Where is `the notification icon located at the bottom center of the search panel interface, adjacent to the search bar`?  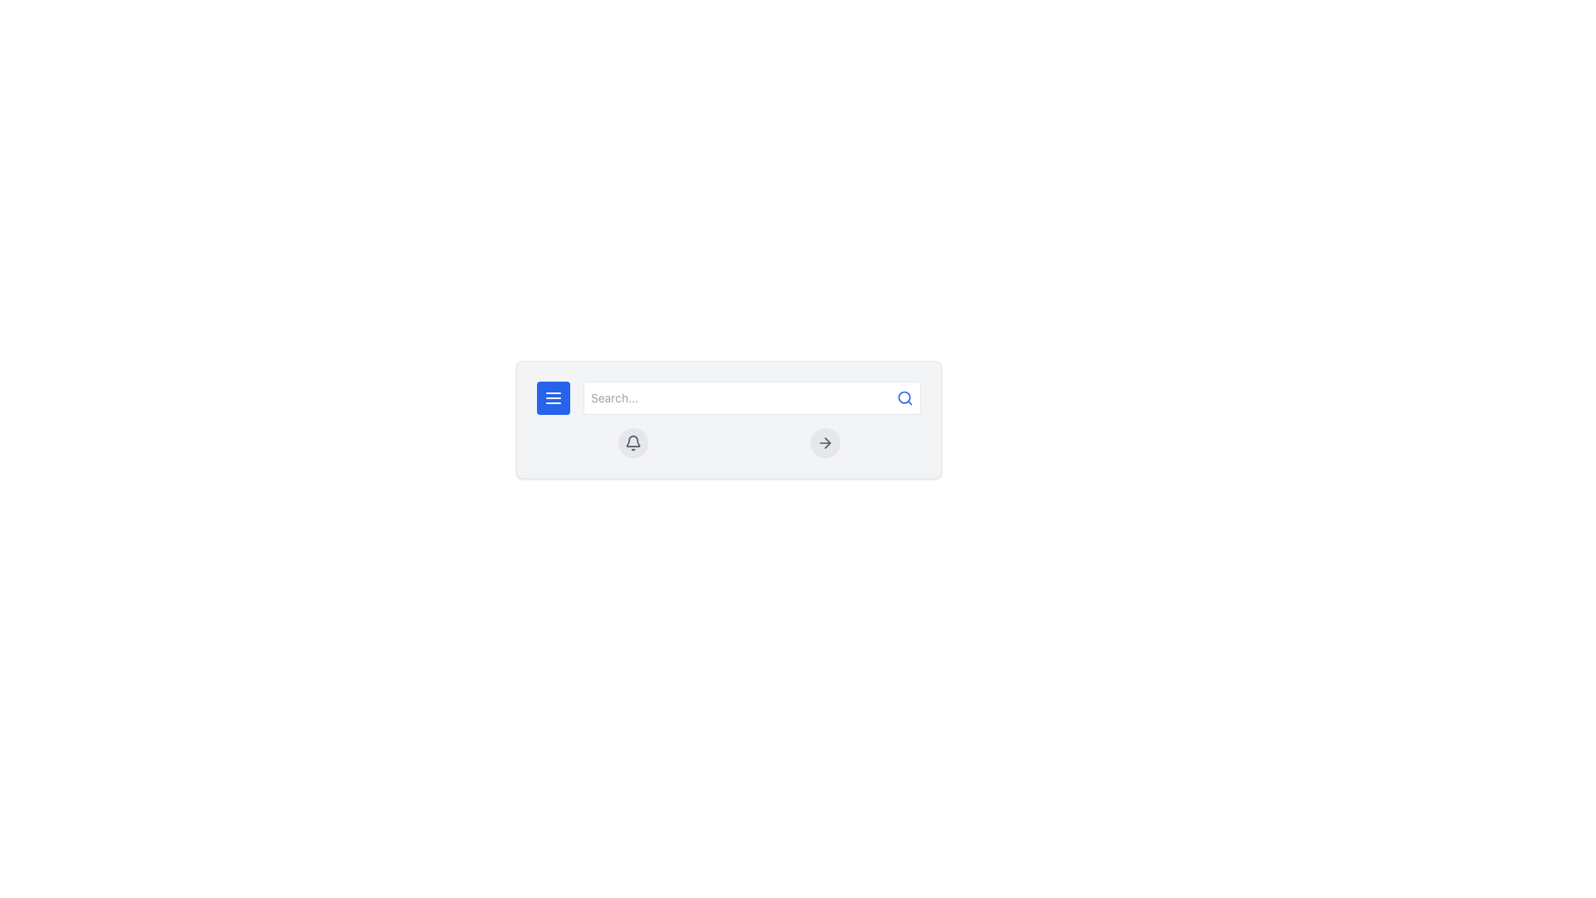
the notification icon located at the bottom center of the search panel interface, adjacent to the search bar is located at coordinates (632, 440).